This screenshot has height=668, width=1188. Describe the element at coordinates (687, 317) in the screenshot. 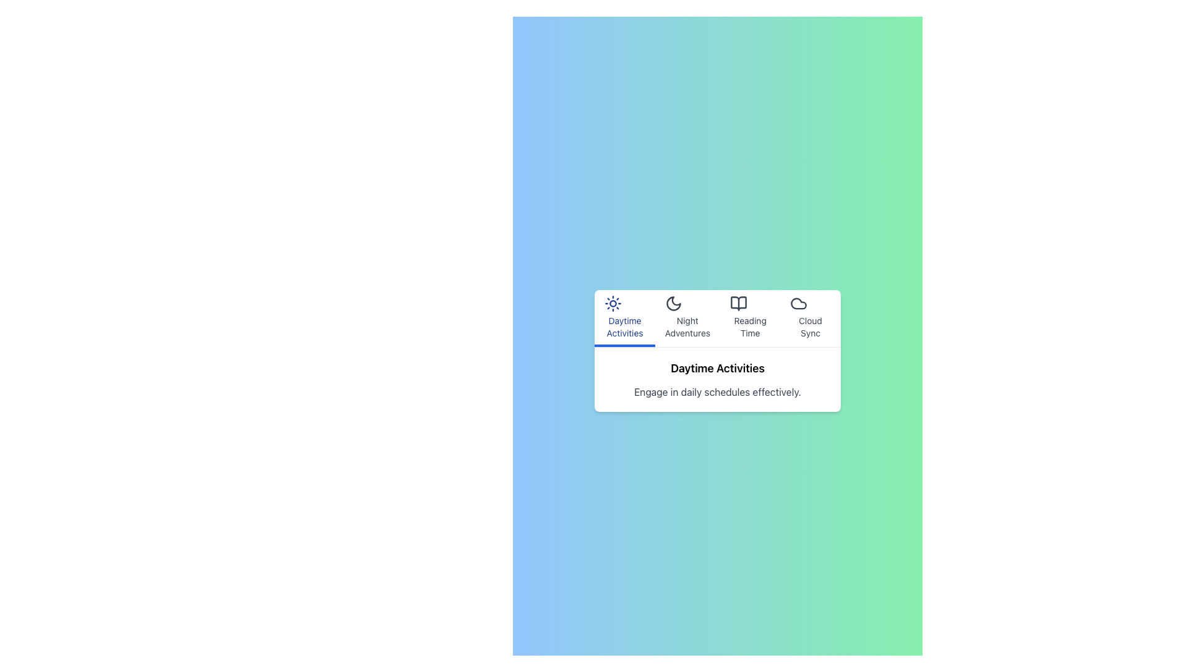

I see `the 'Night Adventures' tab, which features a moon icon above the text and is the second tab in the navigation bar` at that location.